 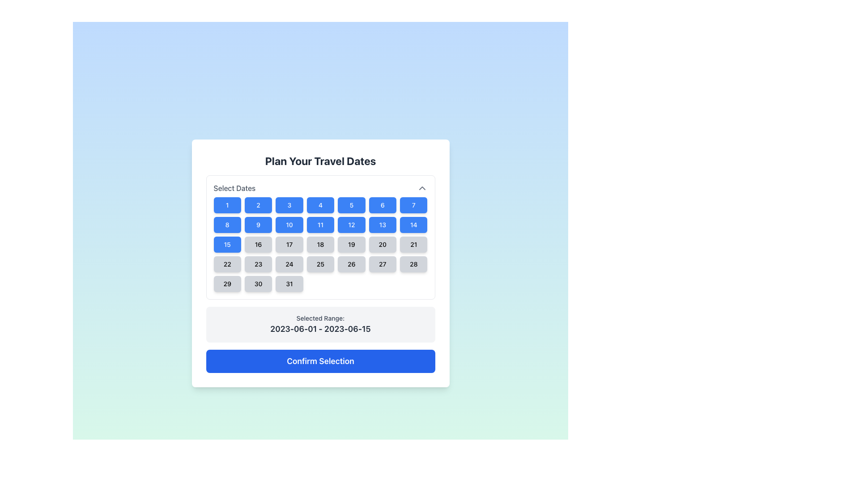 What do you see at coordinates (320, 237) in the screenshot?
I see `the calendar day tile representing the 18th day in the date selection calendar` at bounding box center [320, 237].